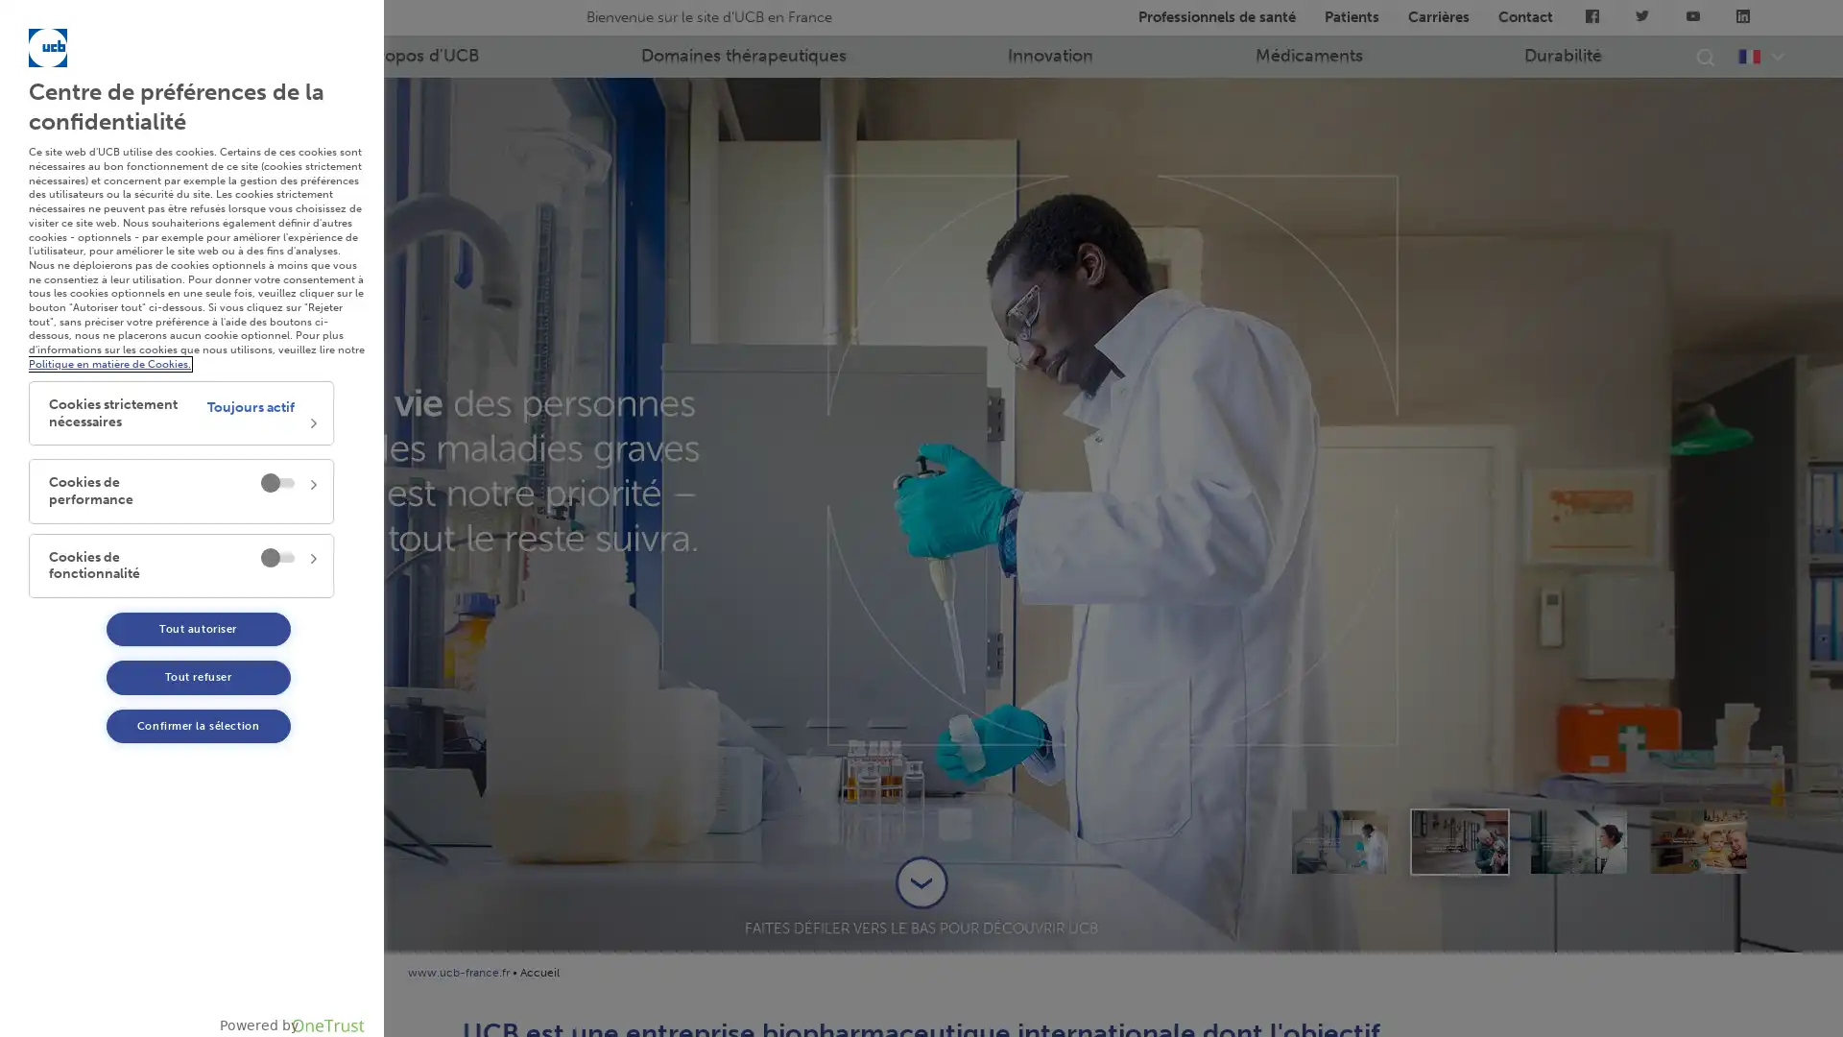 Image resolution: width=1843 pixels, height=1037 pixels. Describe the element at coordinates (198, 676) in the screenshot. I see `Tout refuser` at that location.